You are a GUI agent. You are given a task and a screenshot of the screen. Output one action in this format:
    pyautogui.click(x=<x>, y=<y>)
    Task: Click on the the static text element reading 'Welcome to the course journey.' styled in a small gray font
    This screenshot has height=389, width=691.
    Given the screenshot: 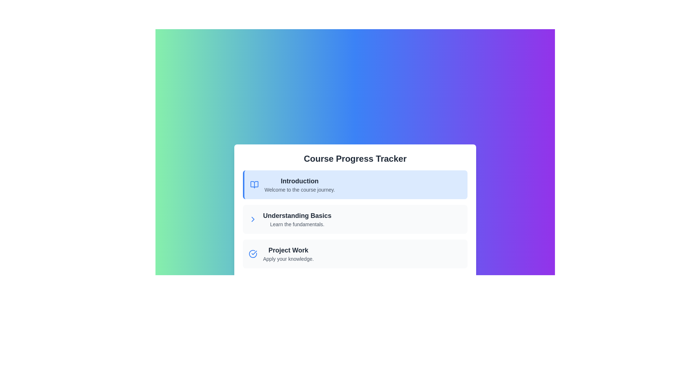 What is the action you would take?
    pyautogui.click(x=299, y=189)
    